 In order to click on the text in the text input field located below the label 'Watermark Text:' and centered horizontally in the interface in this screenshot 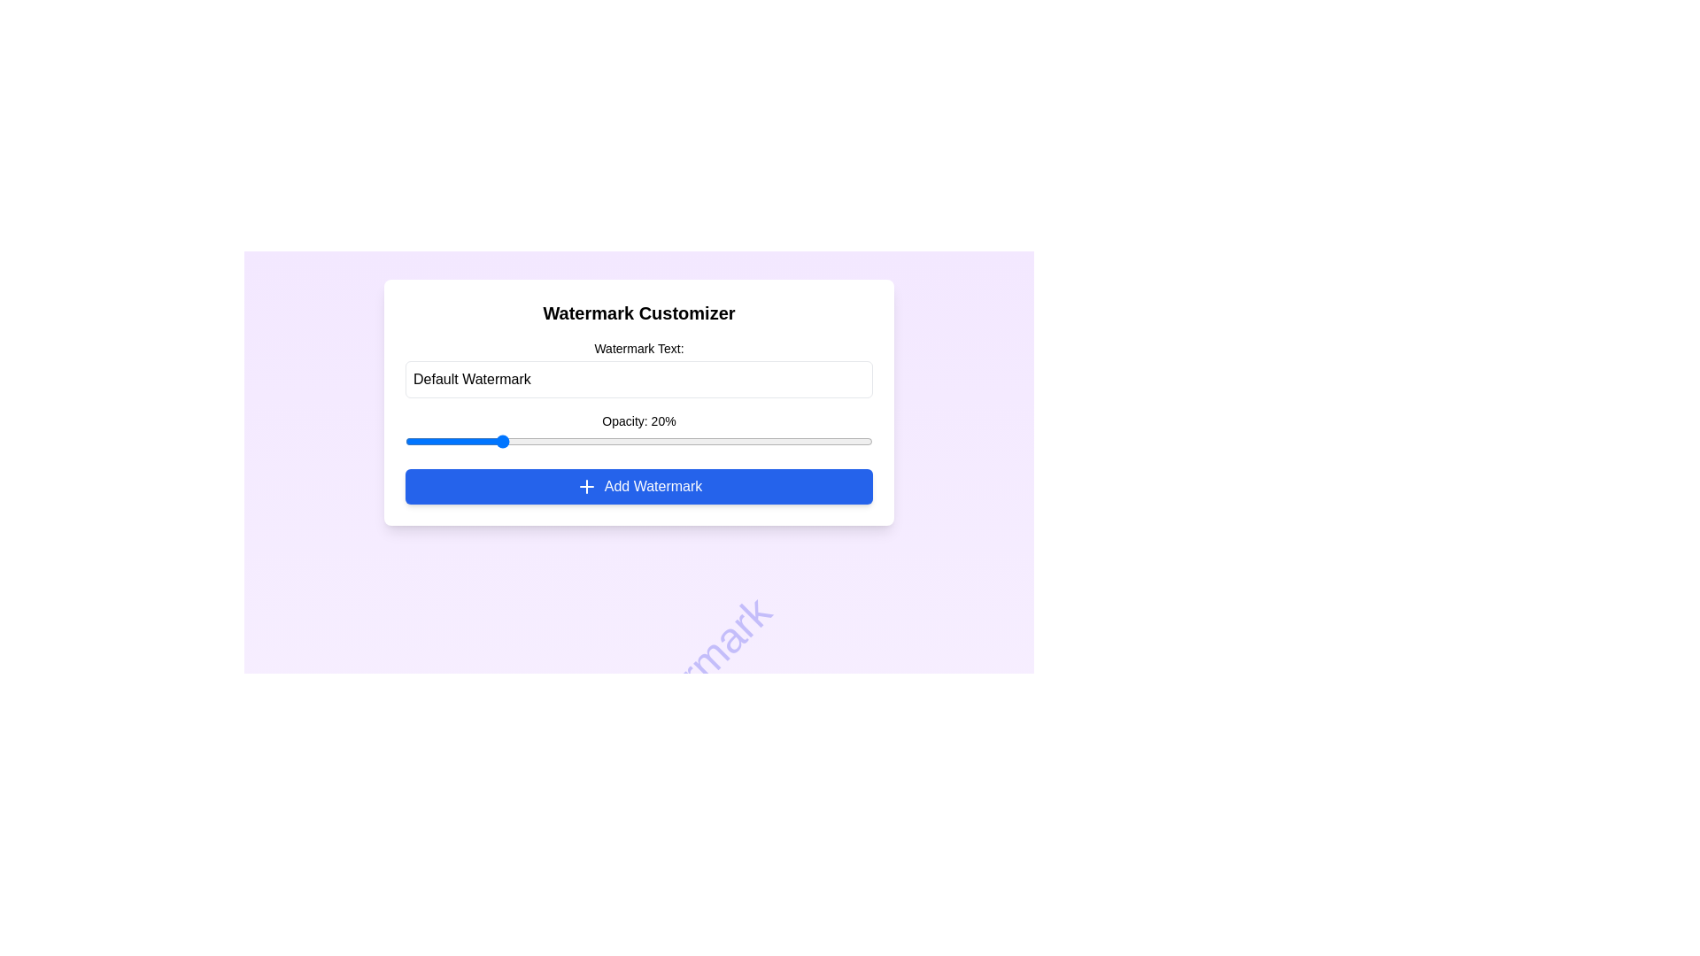, I will do `click(637, 378)`.